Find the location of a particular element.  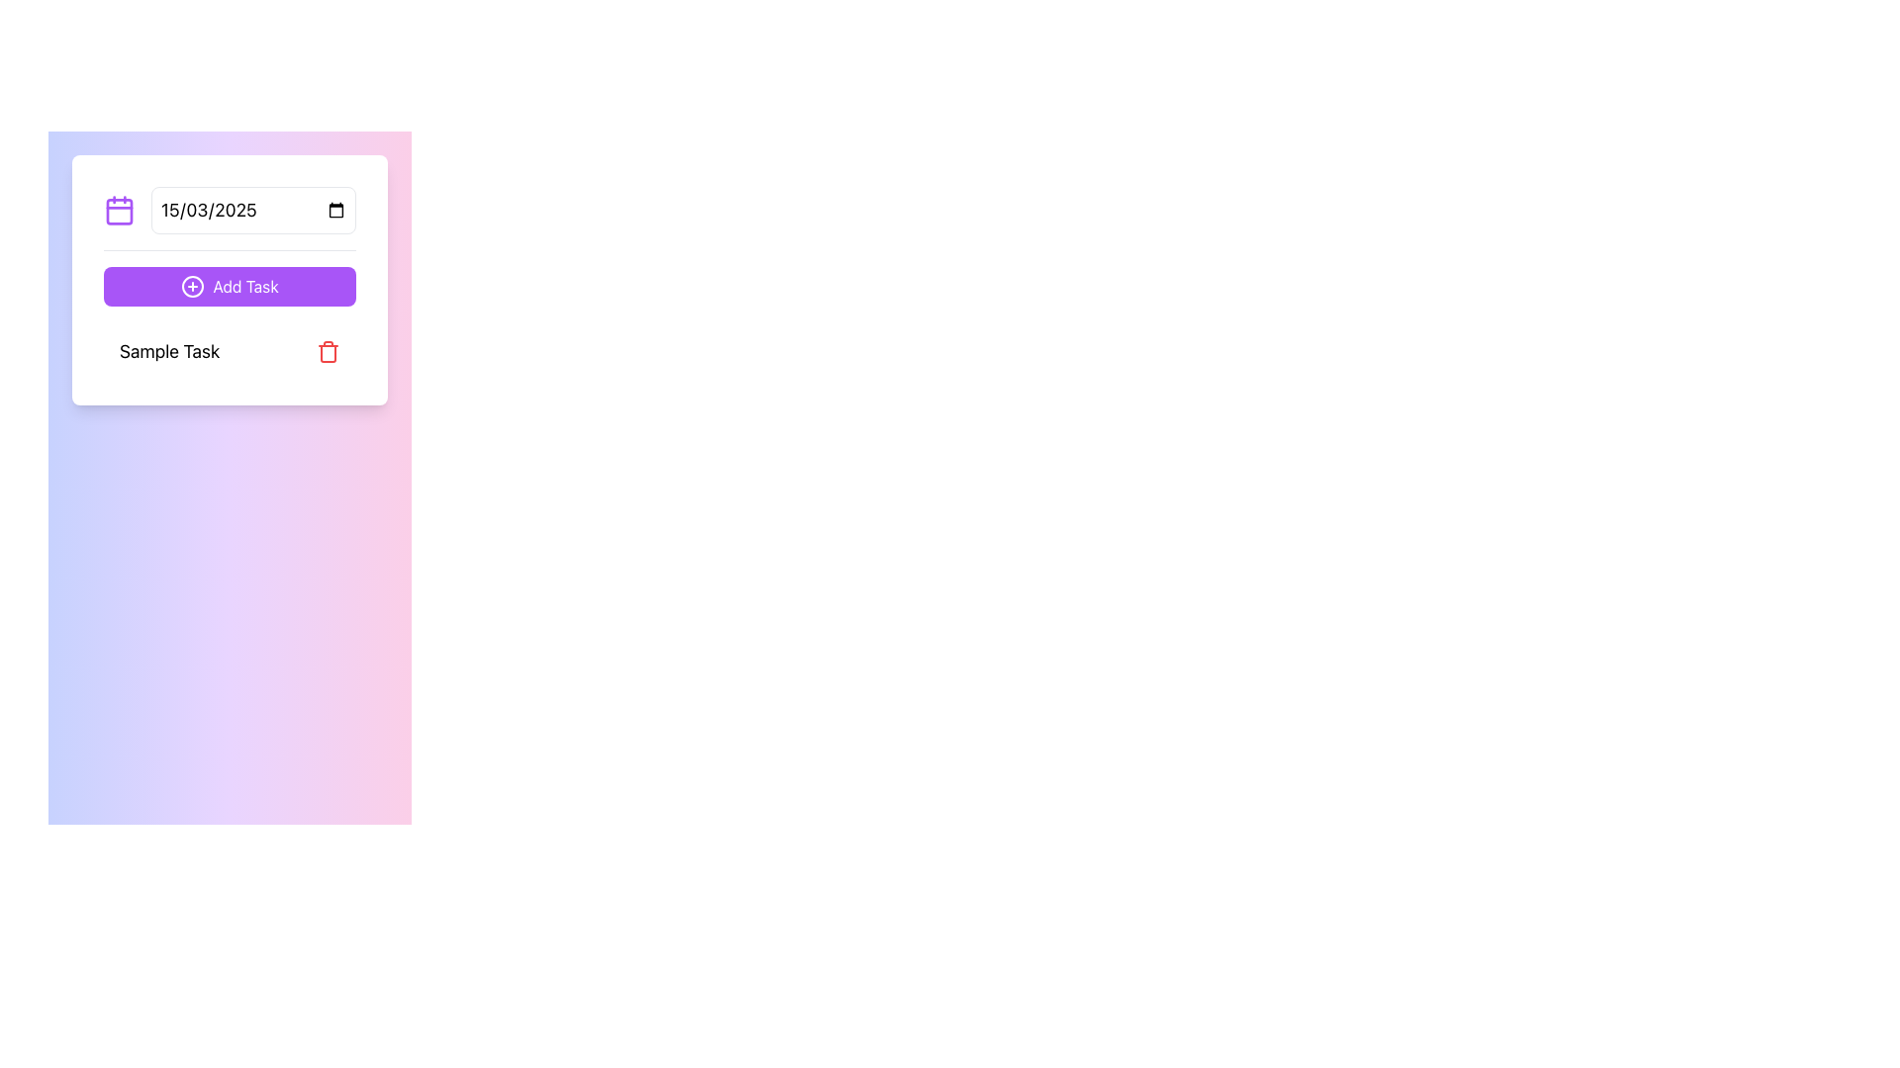

the delete icon button located at the right end of the row containing the text 'Sample Task' is located at coordinates (328, 350).